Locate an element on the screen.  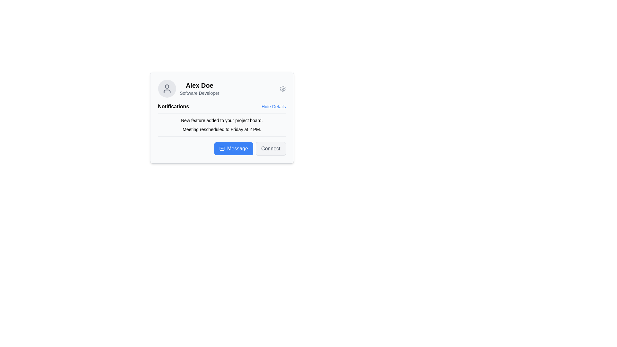
the 'Send Message' button located at the bottom-right section of the card interface to observe any visual hover effects is located at coordinates (222, 148).